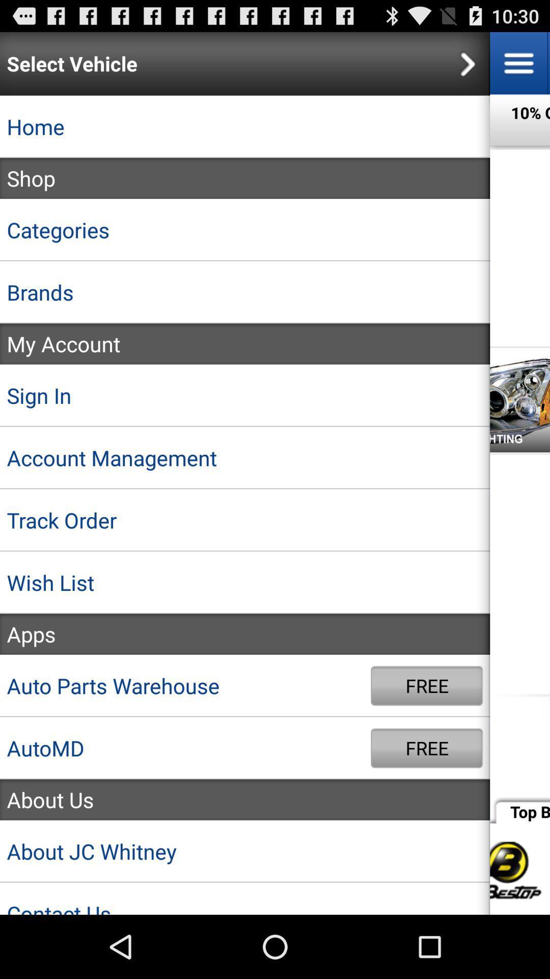 The width and height of the screenshot is (550, 979). Describe the element at coordinates (185, 748) in the screenshot. I see `the automd` at that location.